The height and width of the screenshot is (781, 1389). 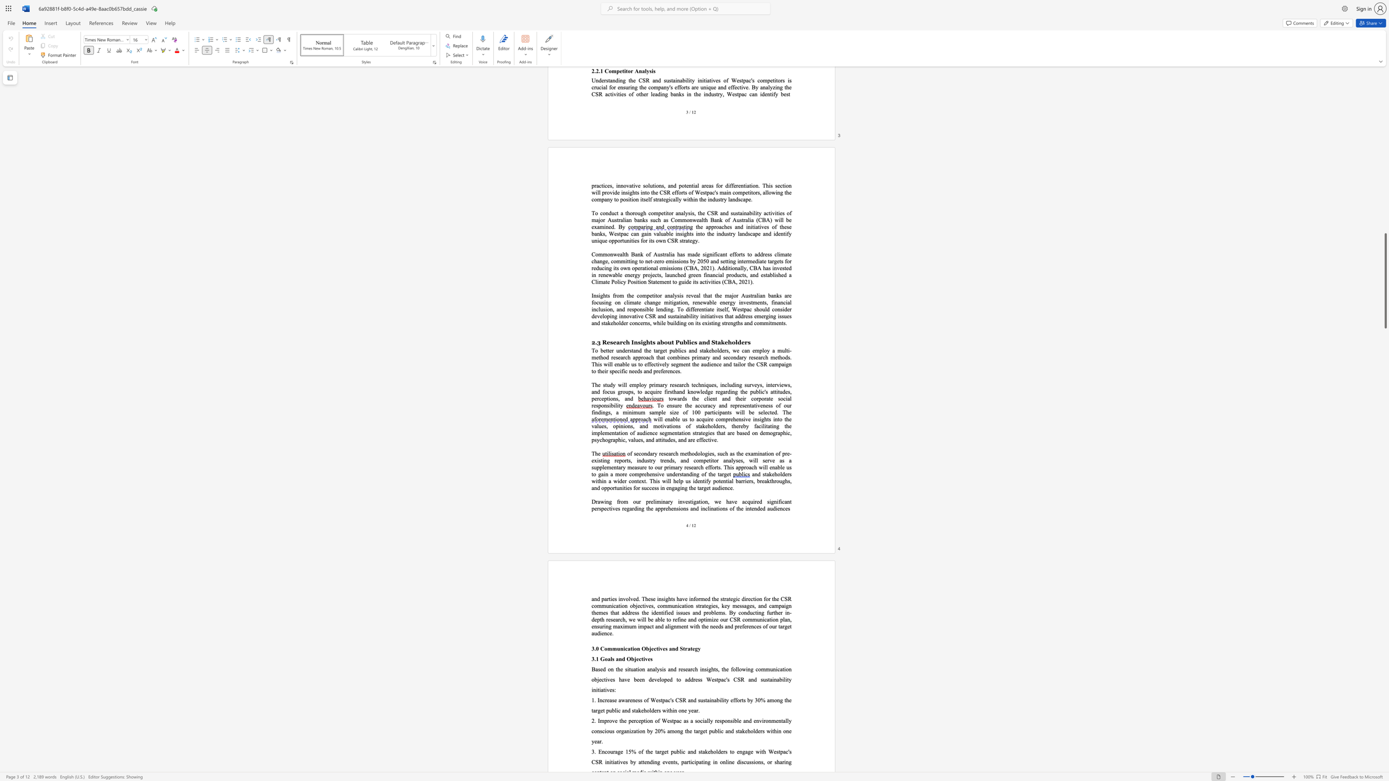 I want to click on the 1th character "," in the text, so click(x=708, y=501).